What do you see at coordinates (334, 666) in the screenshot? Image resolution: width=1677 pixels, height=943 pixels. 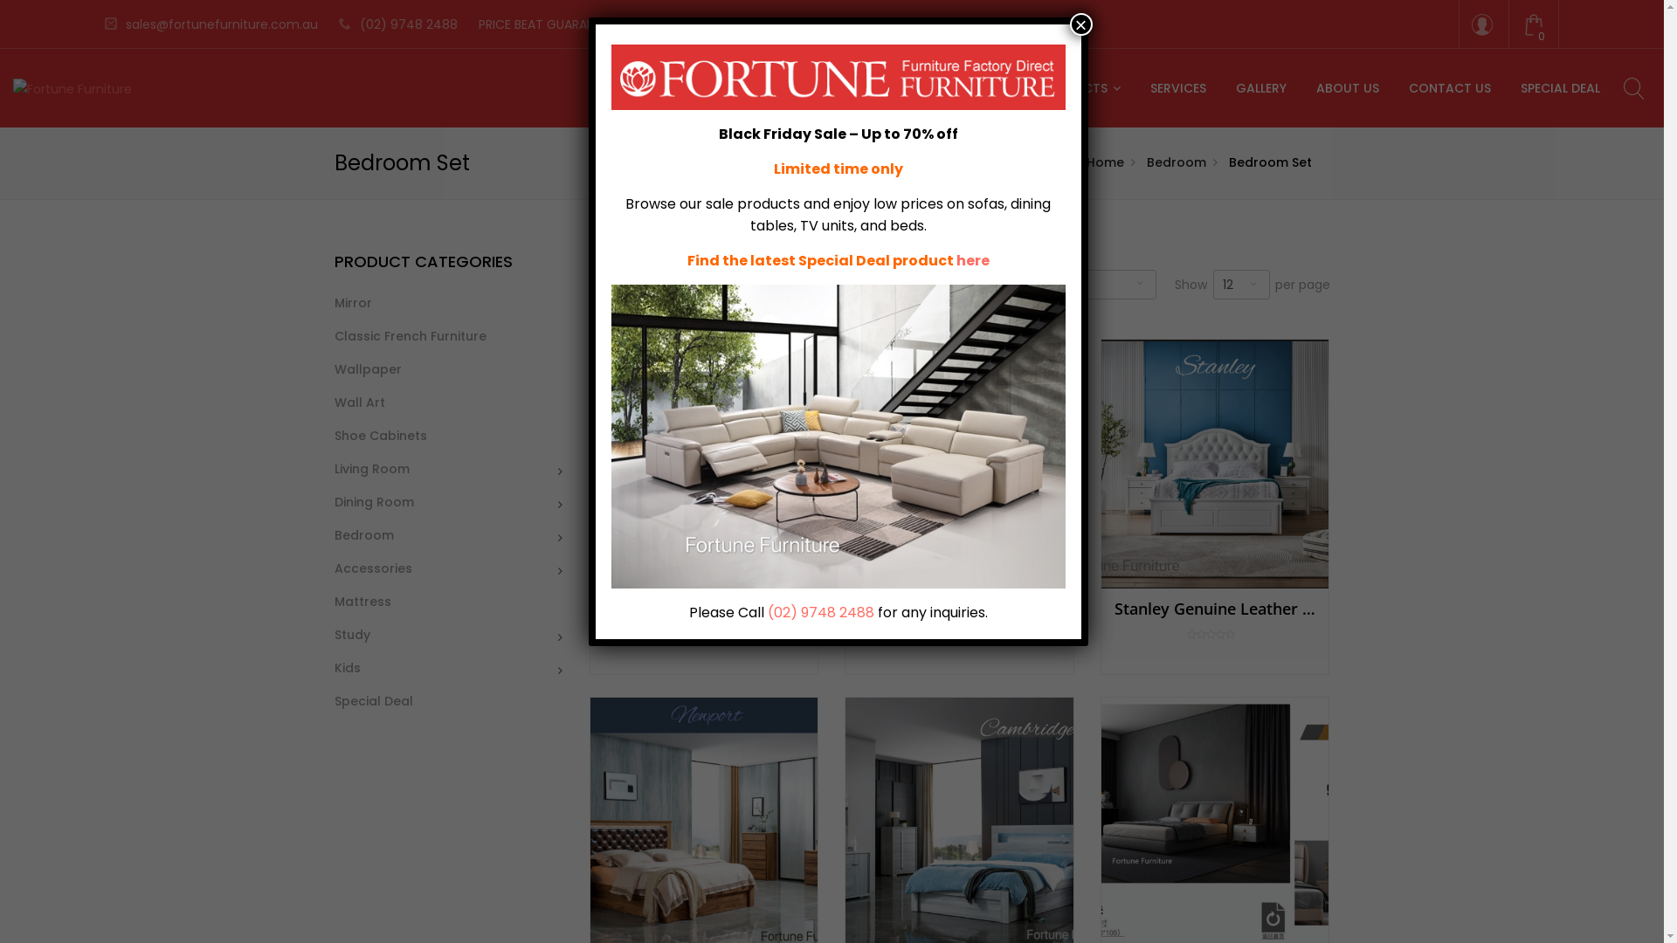 I see `'Kids'` at bounding box center [334, 666].